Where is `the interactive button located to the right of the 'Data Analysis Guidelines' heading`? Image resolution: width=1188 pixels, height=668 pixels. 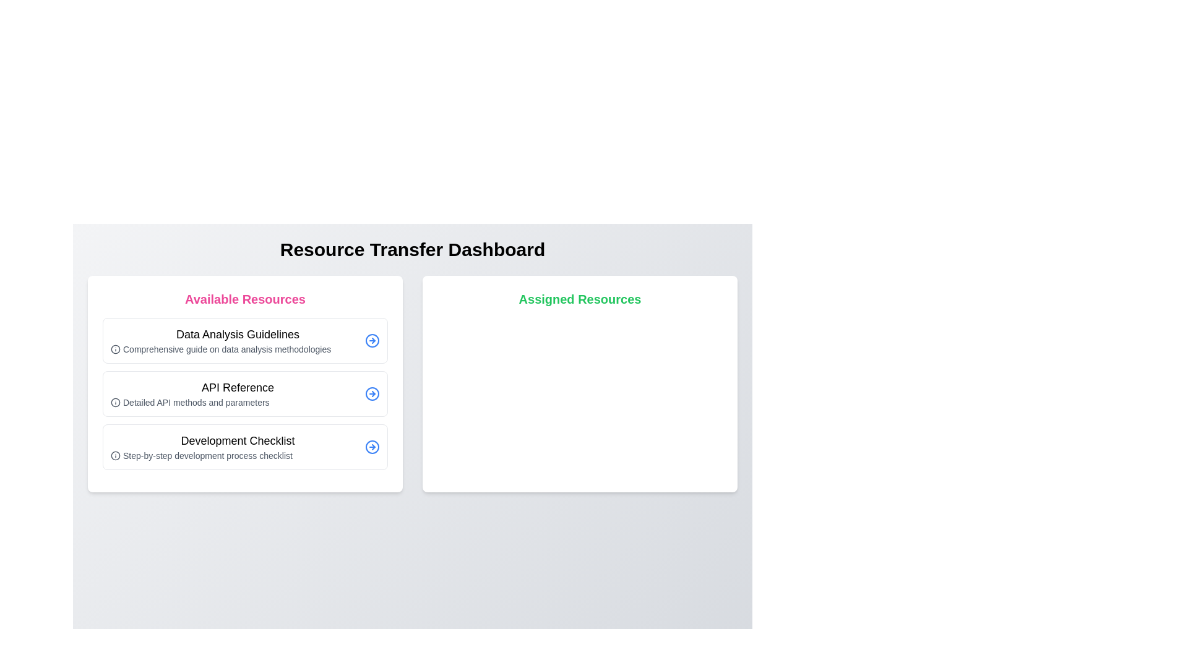
the interactive button located to the right of the 'Data Analysis Guidelines' heading is located at coordinates (371, 341).